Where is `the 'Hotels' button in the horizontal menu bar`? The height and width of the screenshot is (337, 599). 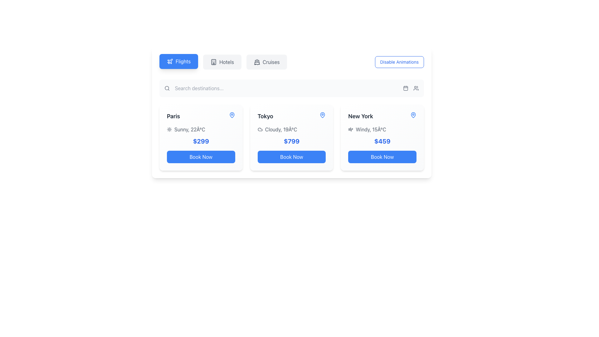
the 'Hotels' button in the horizontal menu bar is located at coordinates (223, 62).